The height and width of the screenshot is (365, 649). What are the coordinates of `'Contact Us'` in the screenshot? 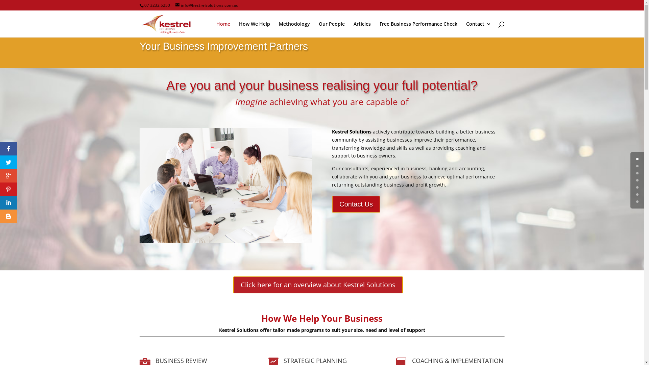 It's located at (356, 204).